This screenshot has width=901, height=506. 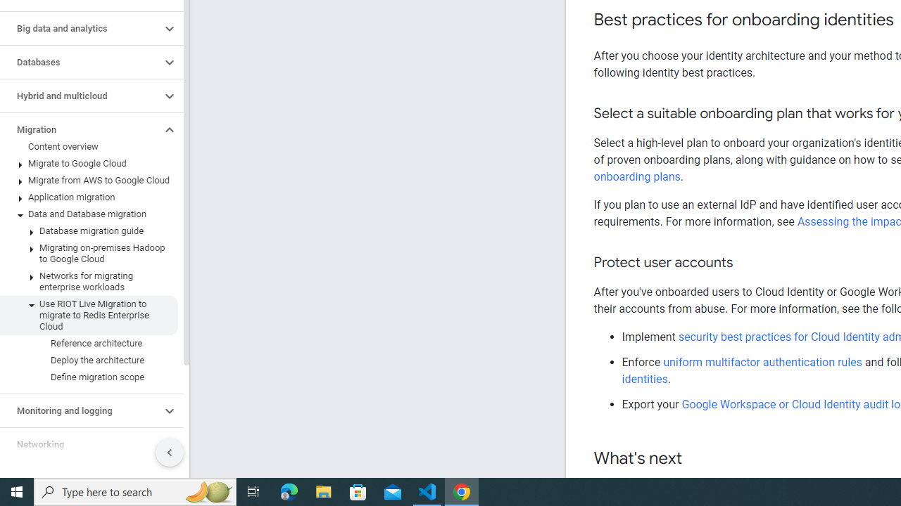 I want to click on 'Databases', so click(x=80, y=61).